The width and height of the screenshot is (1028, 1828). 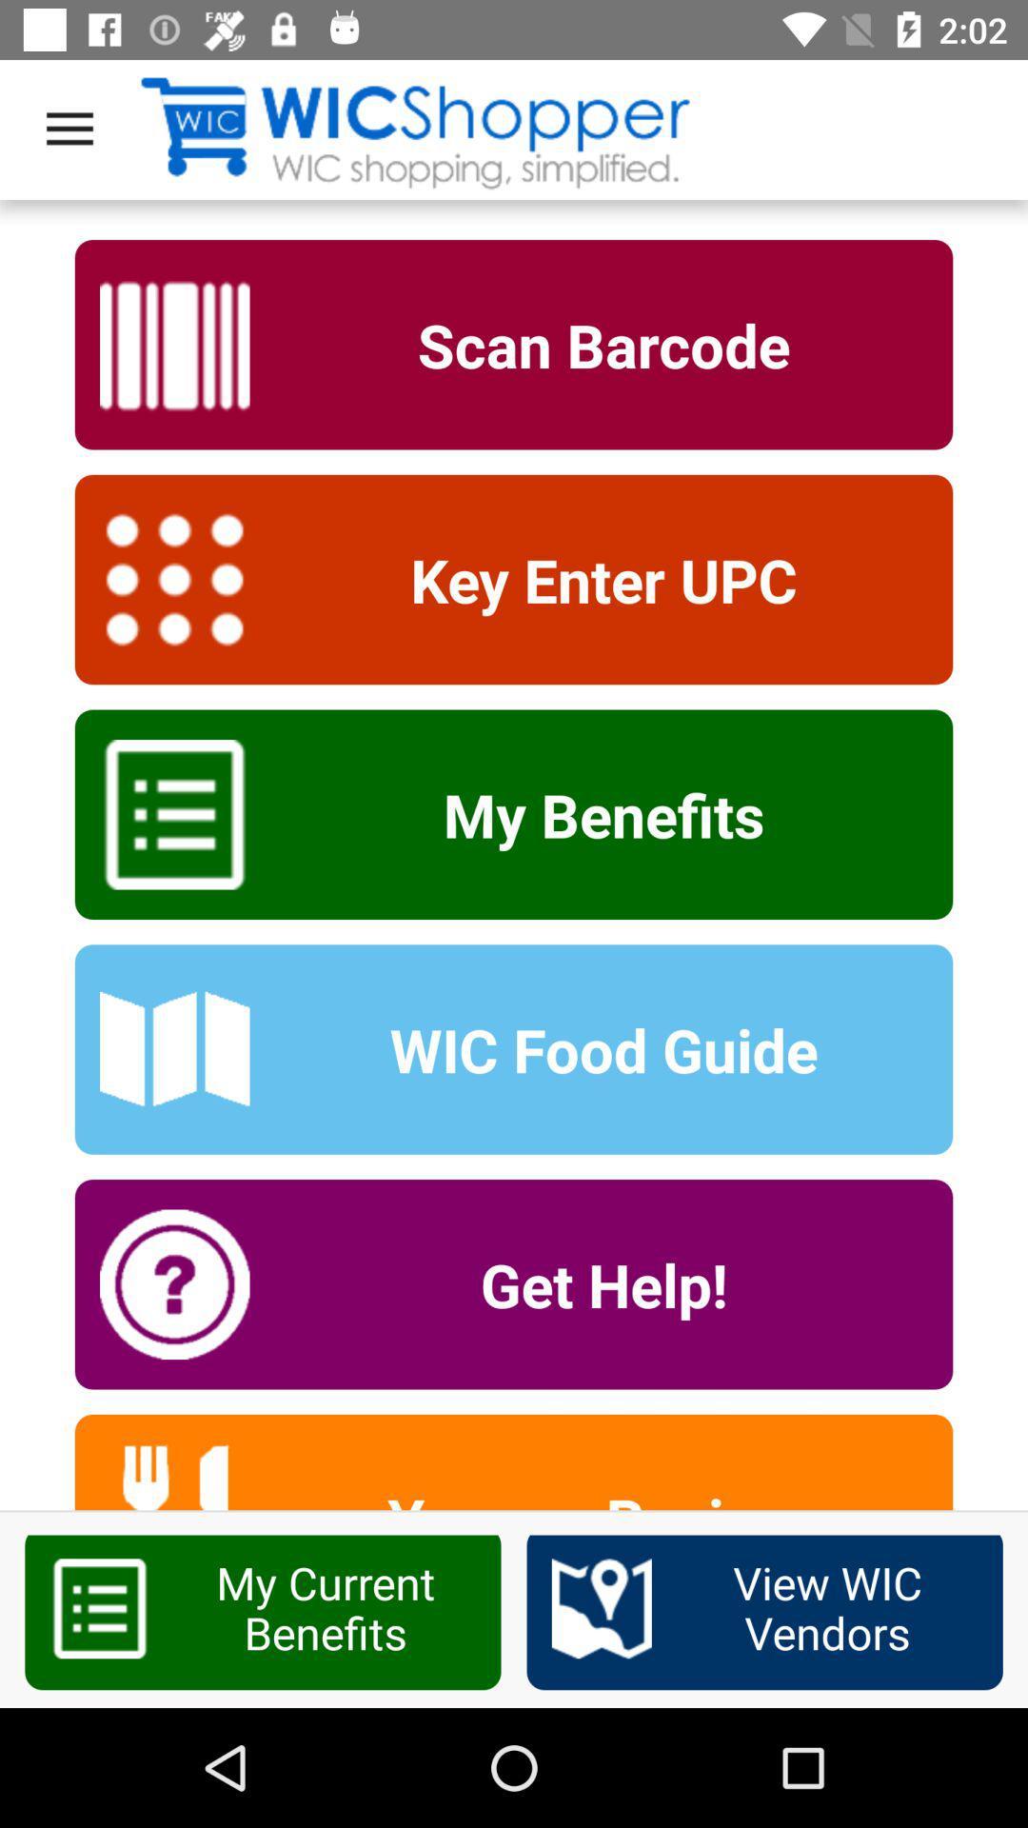 I want to click on scan barcode icon, so click(x=590, y=345).